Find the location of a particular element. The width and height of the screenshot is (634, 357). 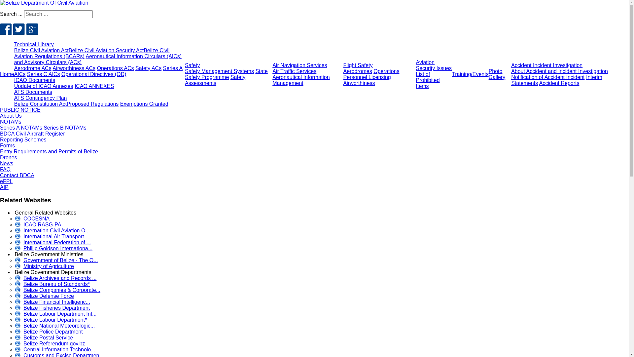

'About Us' is located at coordinates (11, 115).